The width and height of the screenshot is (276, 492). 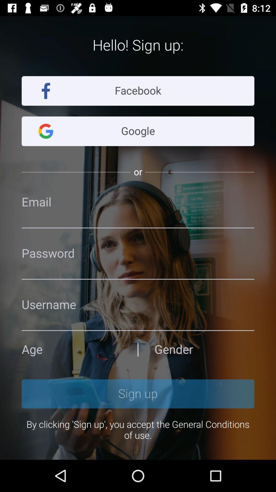 What do you see at coordinates (204, 349) in the screenshot?
I see `gernder option` at bounding box center [204, 349].